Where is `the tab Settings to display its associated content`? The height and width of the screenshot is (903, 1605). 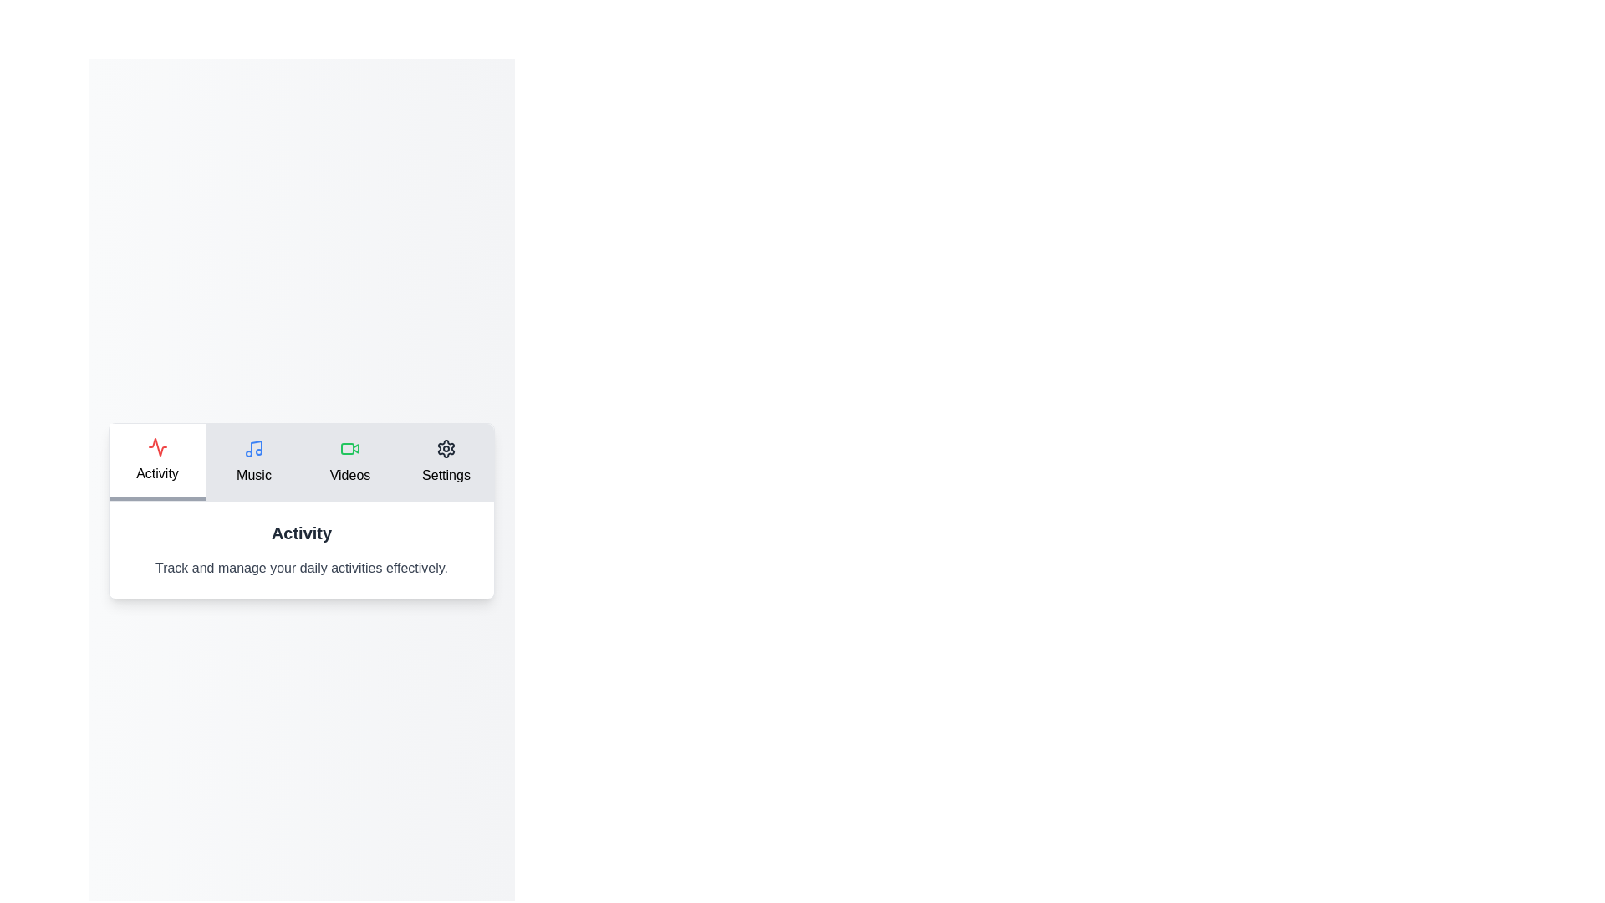 the tab Settings to display its associated content is located at coordinates (446, 462).